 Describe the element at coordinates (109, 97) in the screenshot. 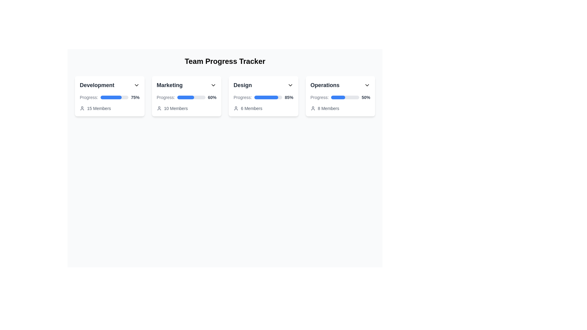

I see `surrounding text to understand the context of the progress indicator indicating 75% completion for the Development team, located within the first card of the Team Progress Tracker layout` at that location.